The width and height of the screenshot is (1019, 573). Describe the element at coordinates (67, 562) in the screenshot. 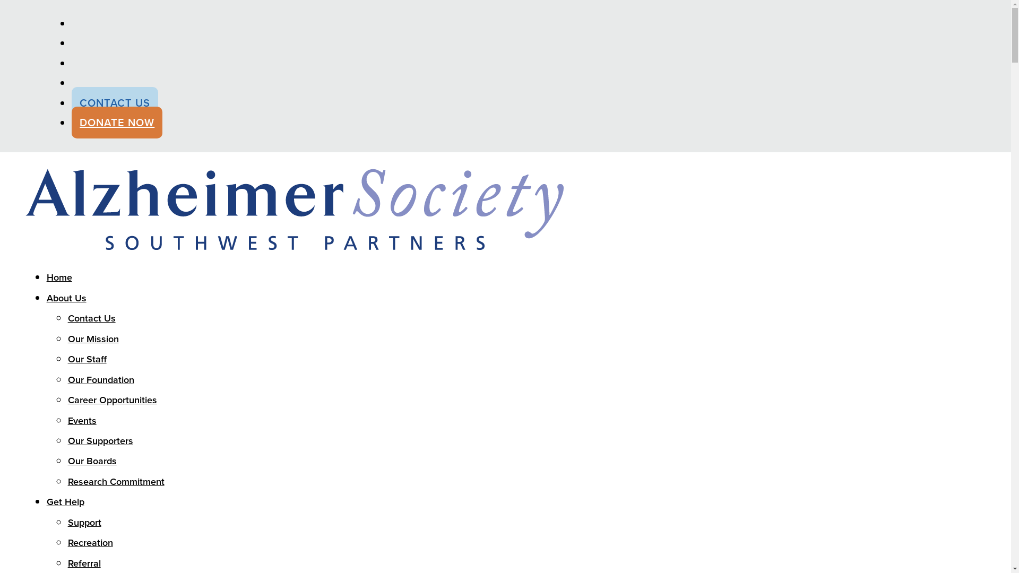

I see `'Referral'` at that location.